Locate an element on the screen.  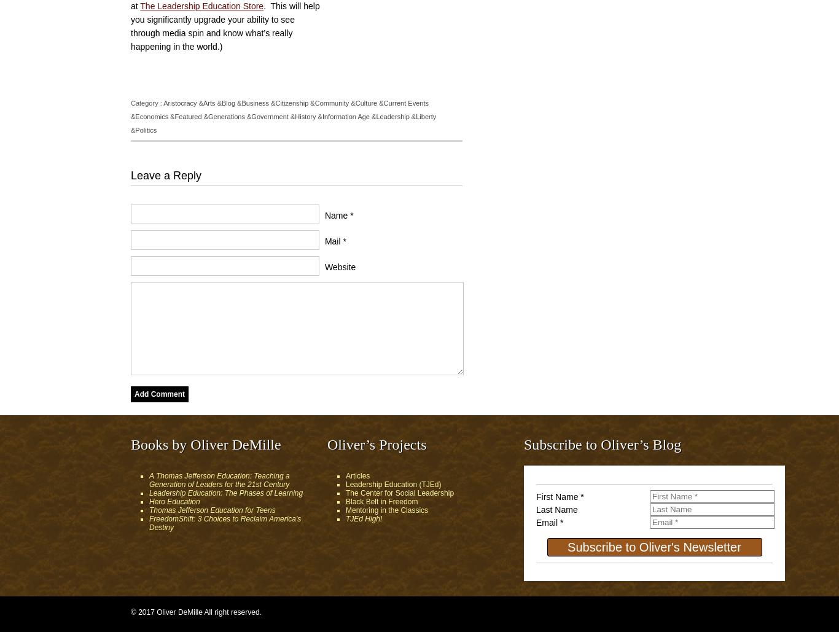
'Liberty' is located at coordinates (426, 116).